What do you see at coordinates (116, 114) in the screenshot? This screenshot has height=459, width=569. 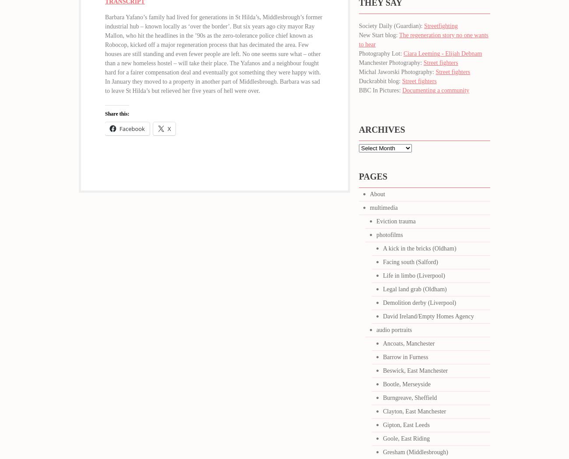 I see `'Share this:'` at bounding box center [116, 114].